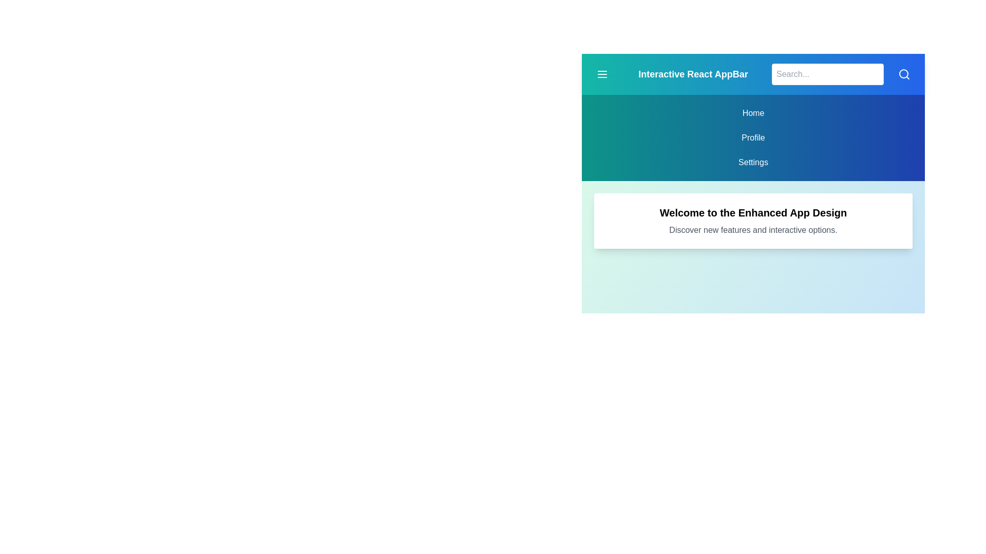  Describe the element at coordinates (904, 74) in the screenshot. I see `the search button to toggle the visibility of the search bar` at that location.